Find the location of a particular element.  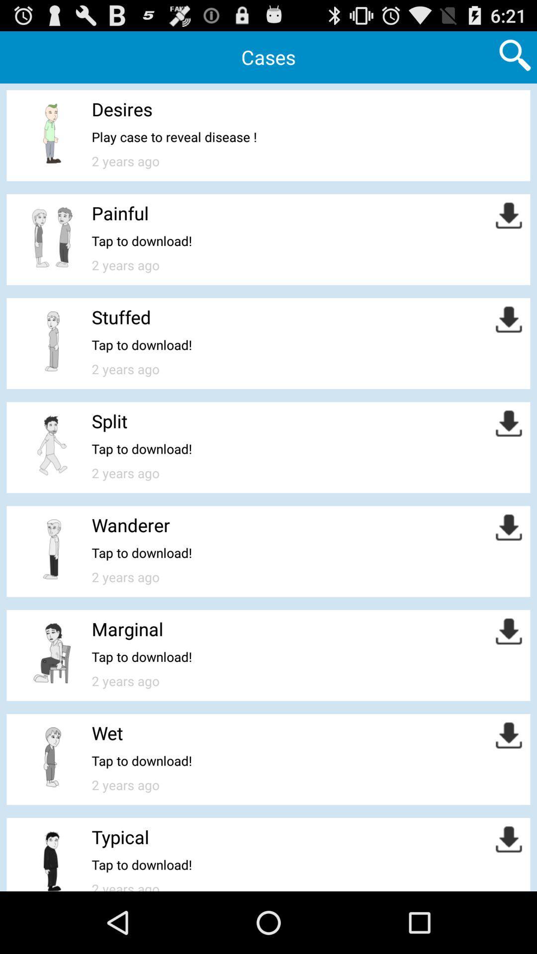

item above tap to download! icon is located at coordinates (121, 317).